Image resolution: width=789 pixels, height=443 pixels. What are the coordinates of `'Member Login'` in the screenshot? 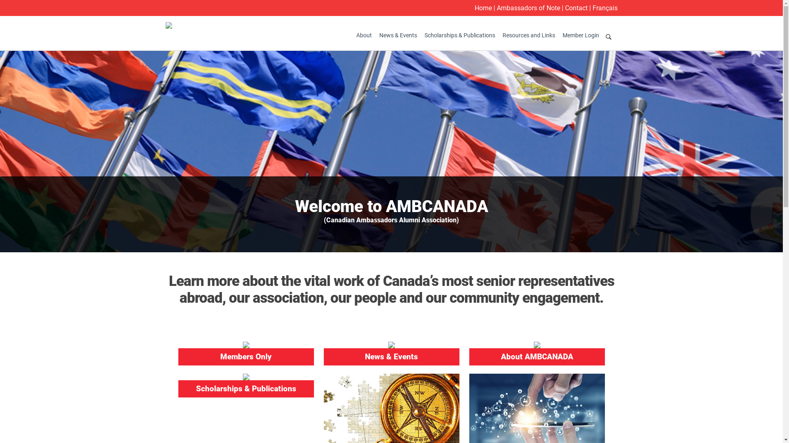 It's located at (580, 34).